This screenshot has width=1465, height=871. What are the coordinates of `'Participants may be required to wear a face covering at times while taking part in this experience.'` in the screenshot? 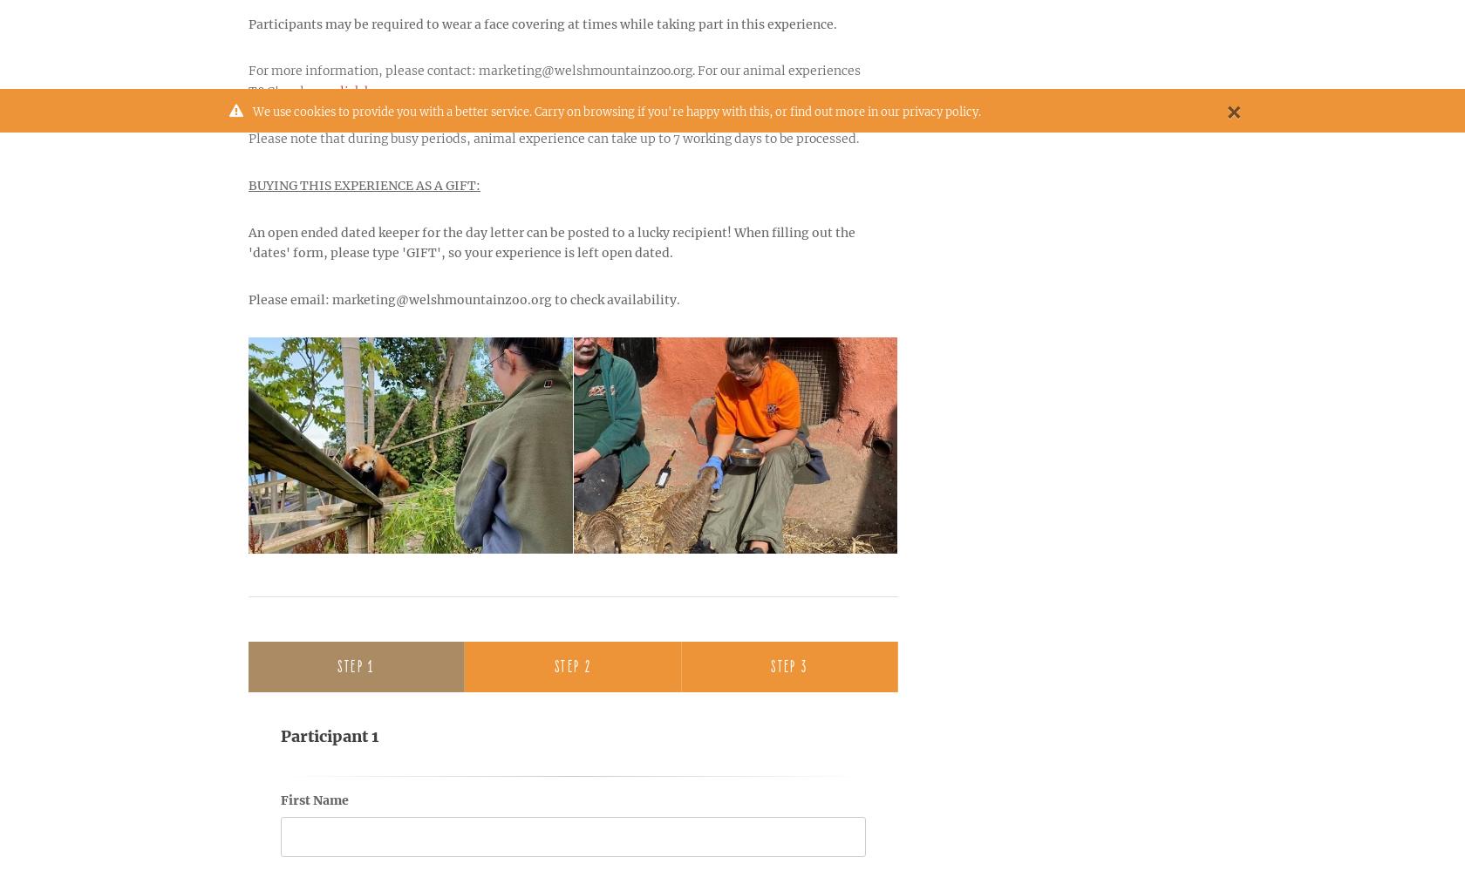 It's located at (542, 23).